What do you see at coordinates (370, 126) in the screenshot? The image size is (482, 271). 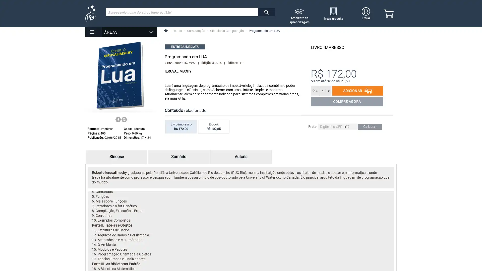 I see `Calcular` at bounding box center [370, 126].